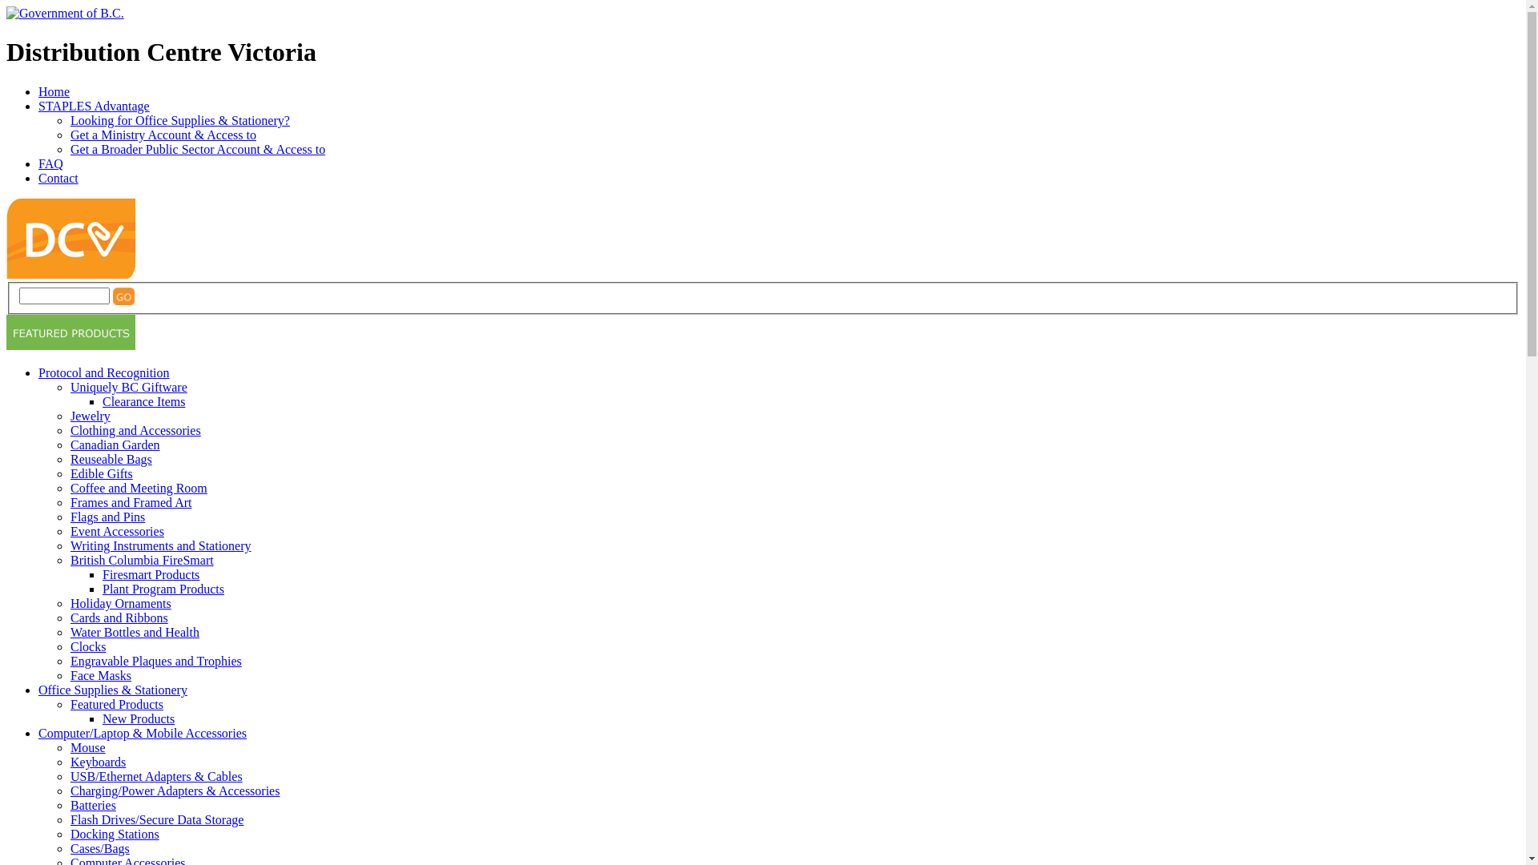  I want to click on 'Uniquely BC Giftware', so click(69, 387).